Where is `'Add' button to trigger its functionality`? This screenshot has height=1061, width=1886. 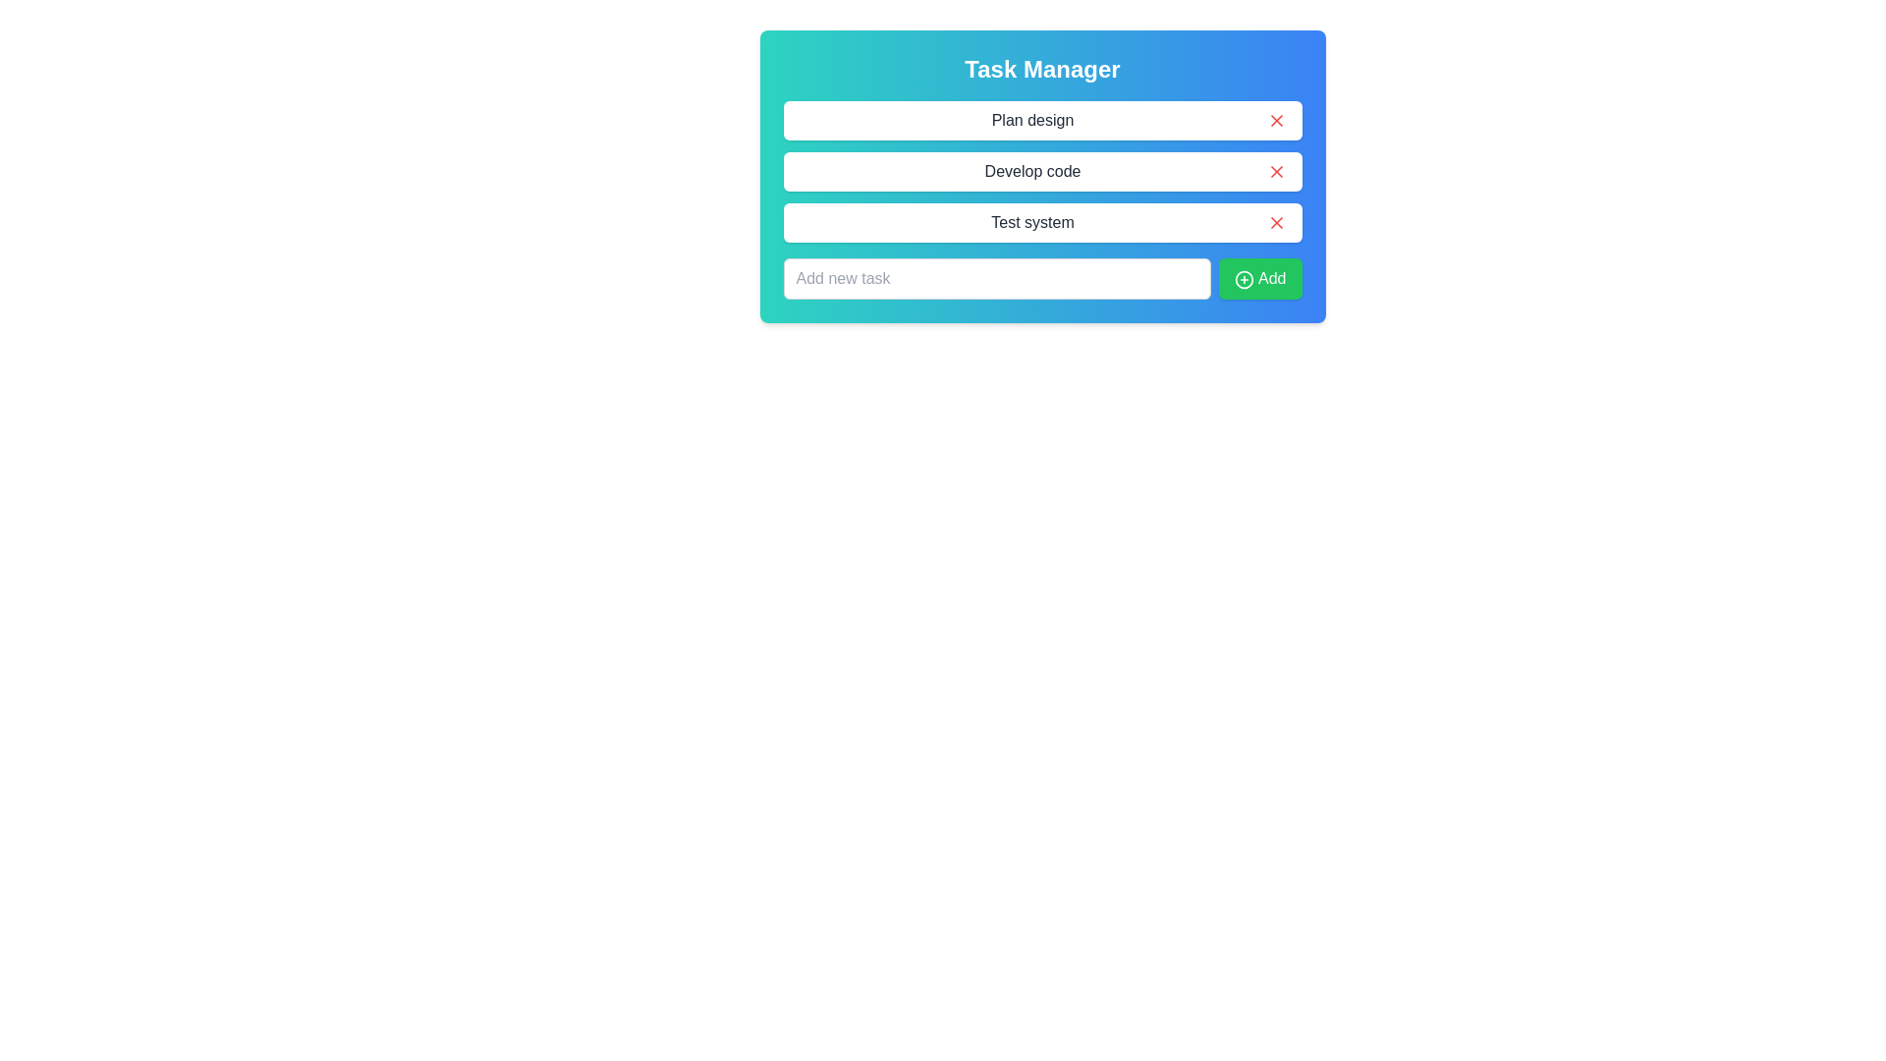
'Add' button to trigger its functionality is located at coordinates (1259, 279).